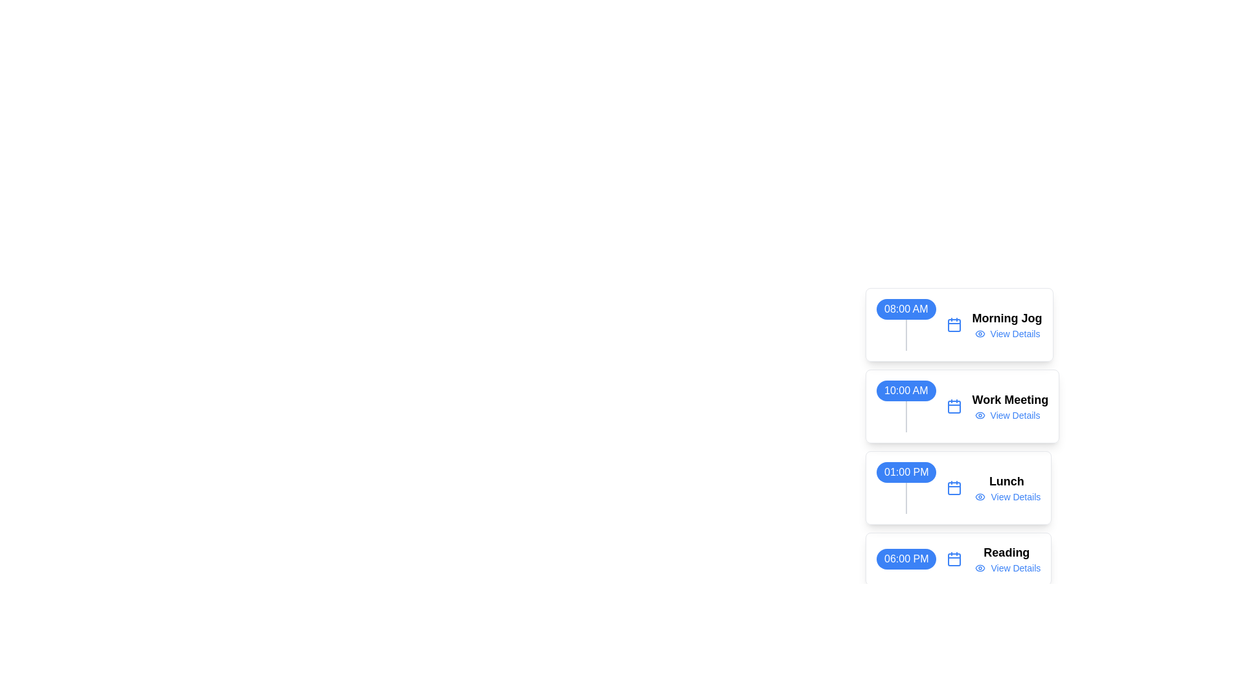 This screenshot has height=699, width=1244. What do you see at coordinates (1006, 318) in the screenshot?
I see `the 'Morning Jog' title text element, which is styled in bold, large sans-serif font and is positioned next to a blue time label '08:00 AM' and a calendar icon` at bounding box center [1006, 318].